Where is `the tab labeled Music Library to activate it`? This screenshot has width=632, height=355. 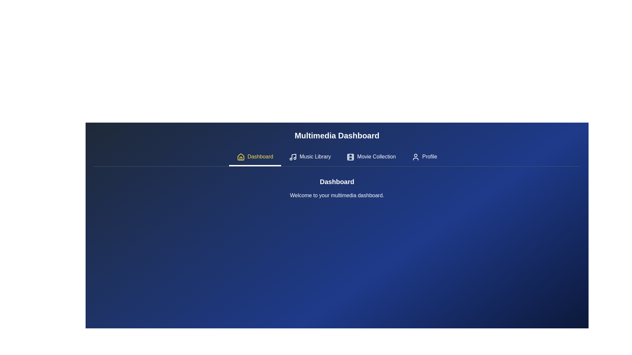
the tab labeled Music Library to activate it is located at coordinates (309, 157).